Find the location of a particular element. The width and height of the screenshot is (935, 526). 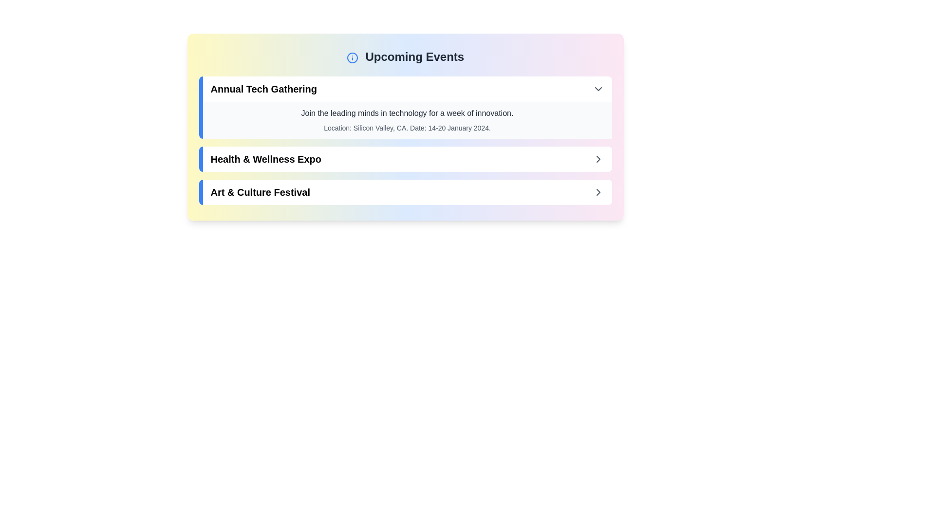

the Text label that serves as the title of the event, located at the top of a card in the 'Upcoming Events' list is located at coordinates (263, 89).